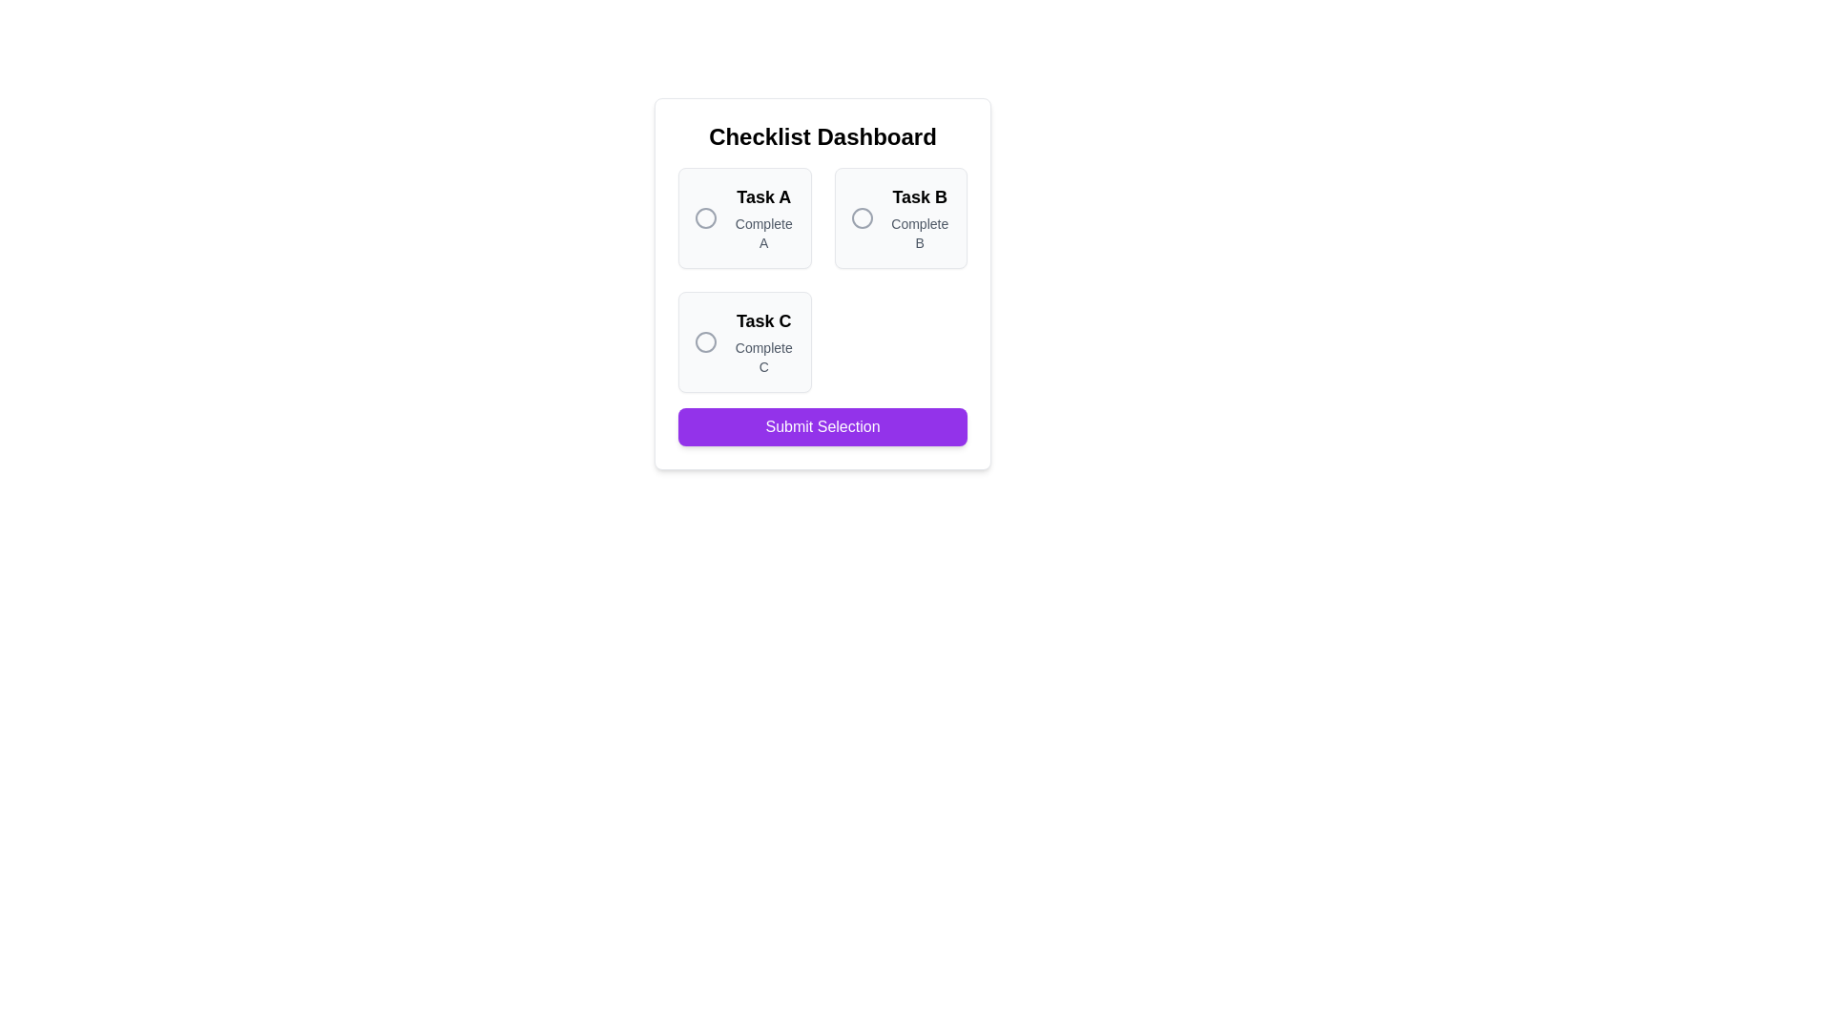  Describe the element at coordinates (743, 216) in the screenshot. I see `the checkbox list item labeled 'Task A'` at that location.